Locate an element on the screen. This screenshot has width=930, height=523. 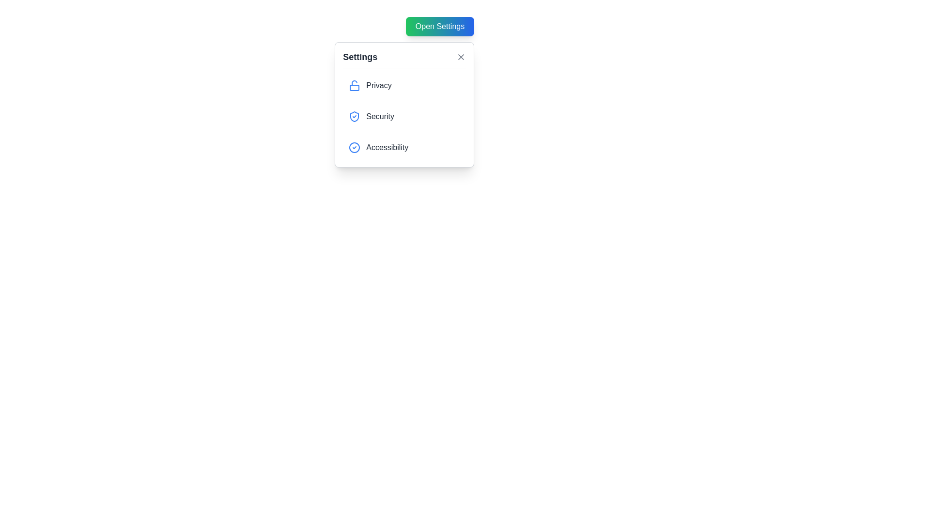
the rectangular button with a gradient background from green to blue that contains the white text 'Open Settings' is located at coordinates (439, 26).